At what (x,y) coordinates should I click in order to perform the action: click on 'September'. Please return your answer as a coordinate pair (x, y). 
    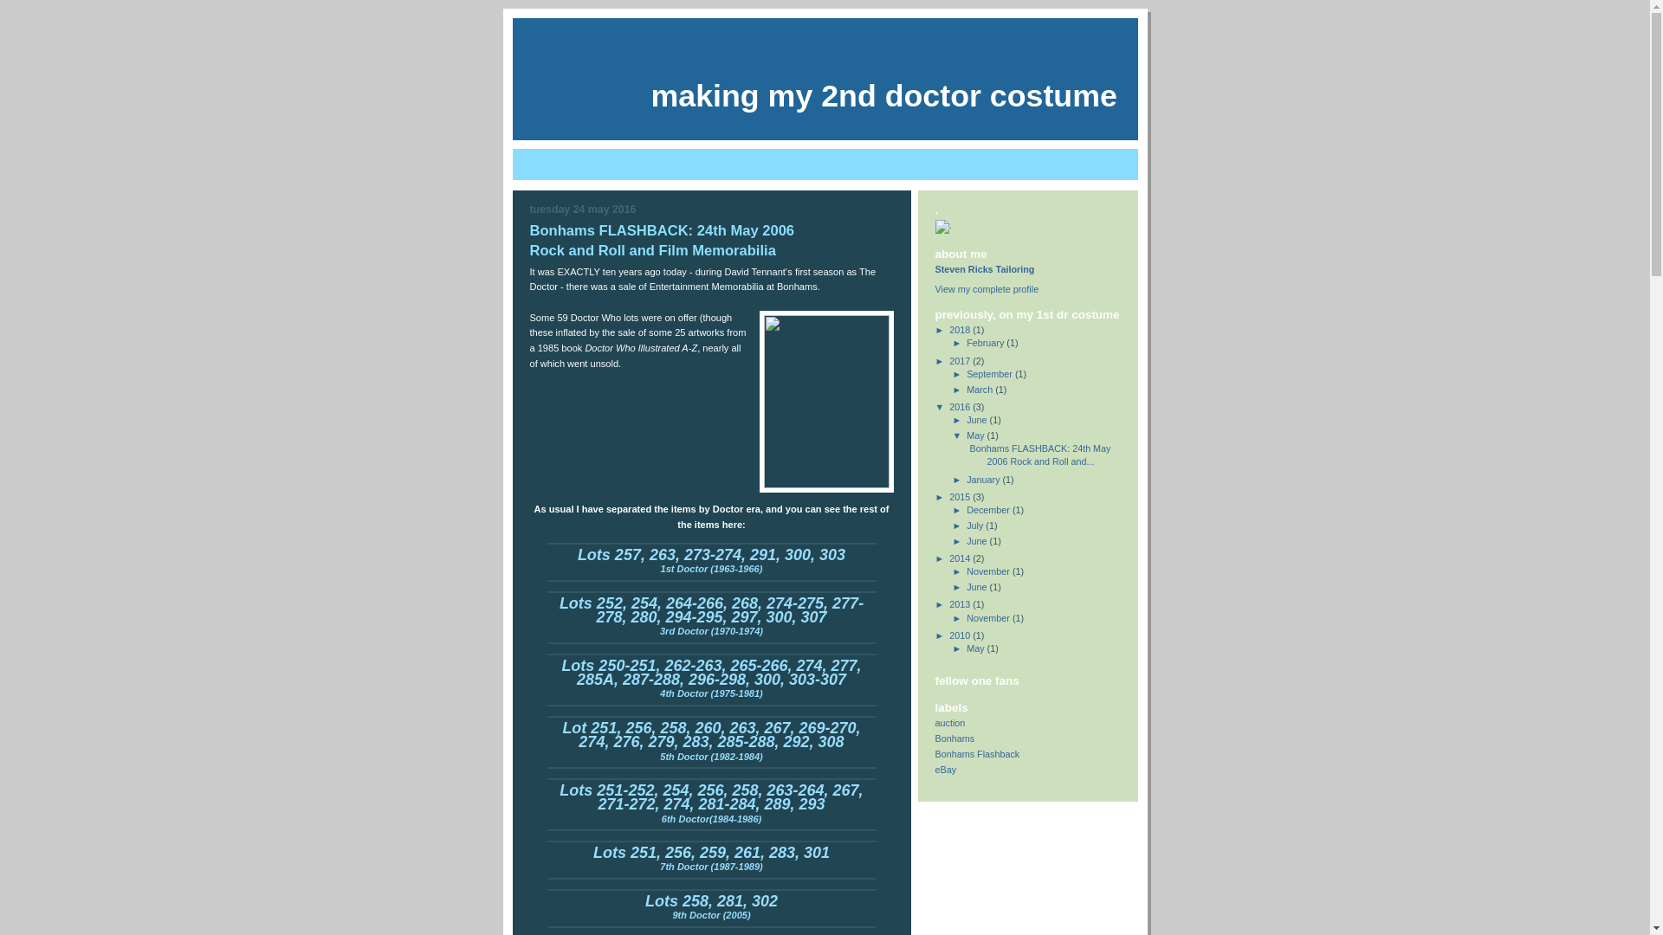
    Looking at the image, I should click on (990, 373).